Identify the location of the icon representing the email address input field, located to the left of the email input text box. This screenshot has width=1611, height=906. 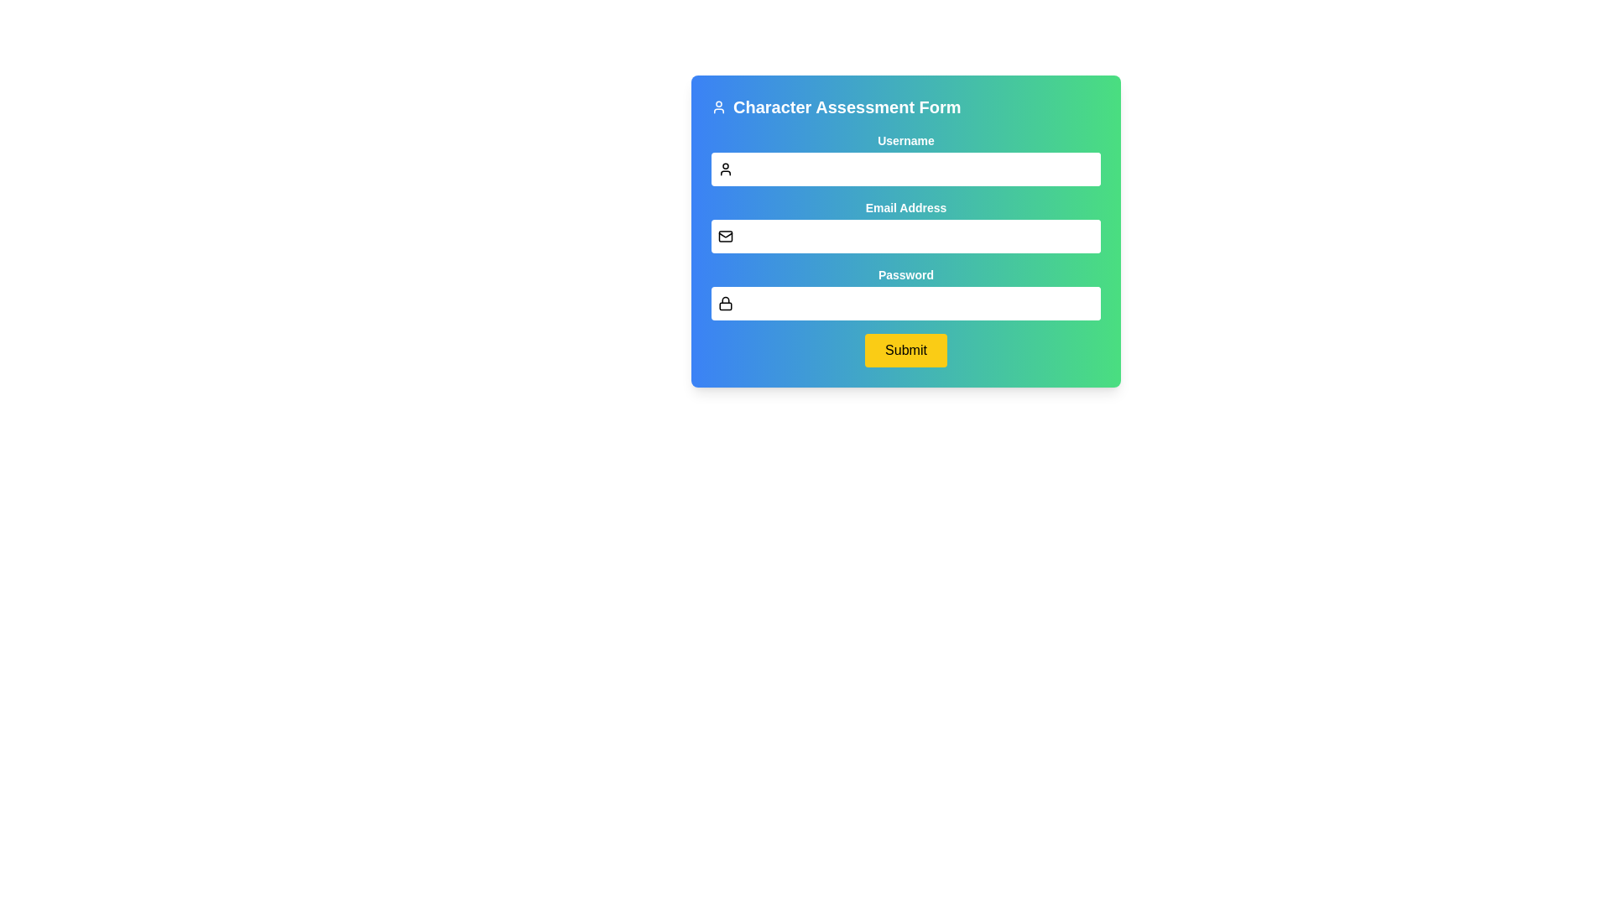
(725, 236).